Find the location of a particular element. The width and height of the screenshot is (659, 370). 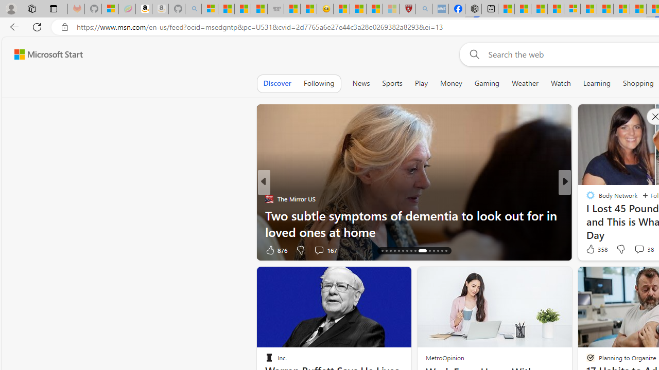

'list of asthma inhalers uk - Search - Sleeping' is located at coordinates (424, 9).